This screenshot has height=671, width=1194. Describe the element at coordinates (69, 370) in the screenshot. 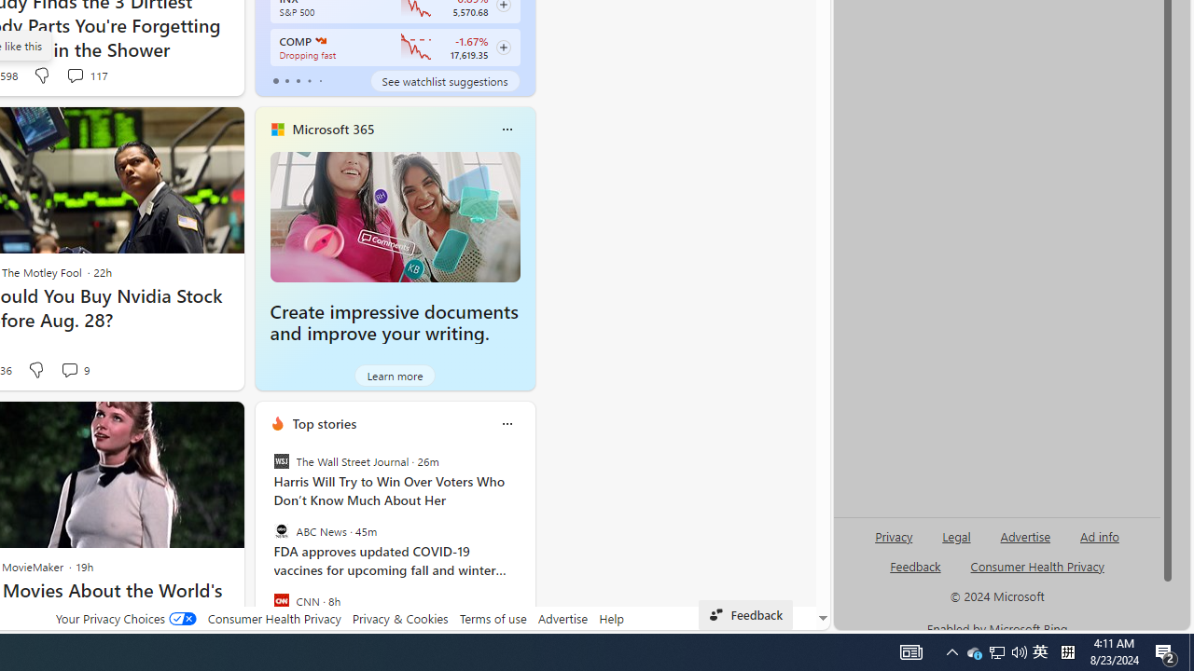

I see `'View comments 9 Comment'` at that location.